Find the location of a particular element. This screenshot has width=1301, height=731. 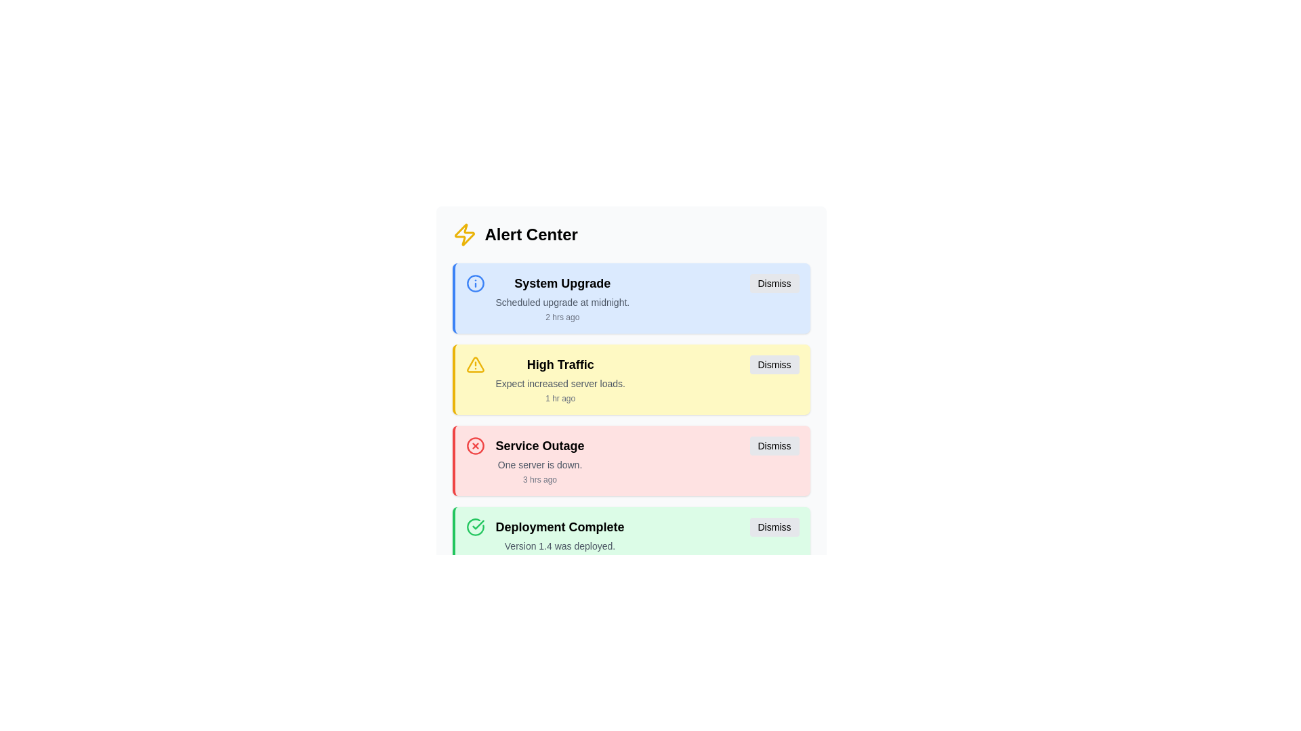

the error alert icon located in the top-left corner of the 'Service Outage' alert box is located at coordinates (475, 446).